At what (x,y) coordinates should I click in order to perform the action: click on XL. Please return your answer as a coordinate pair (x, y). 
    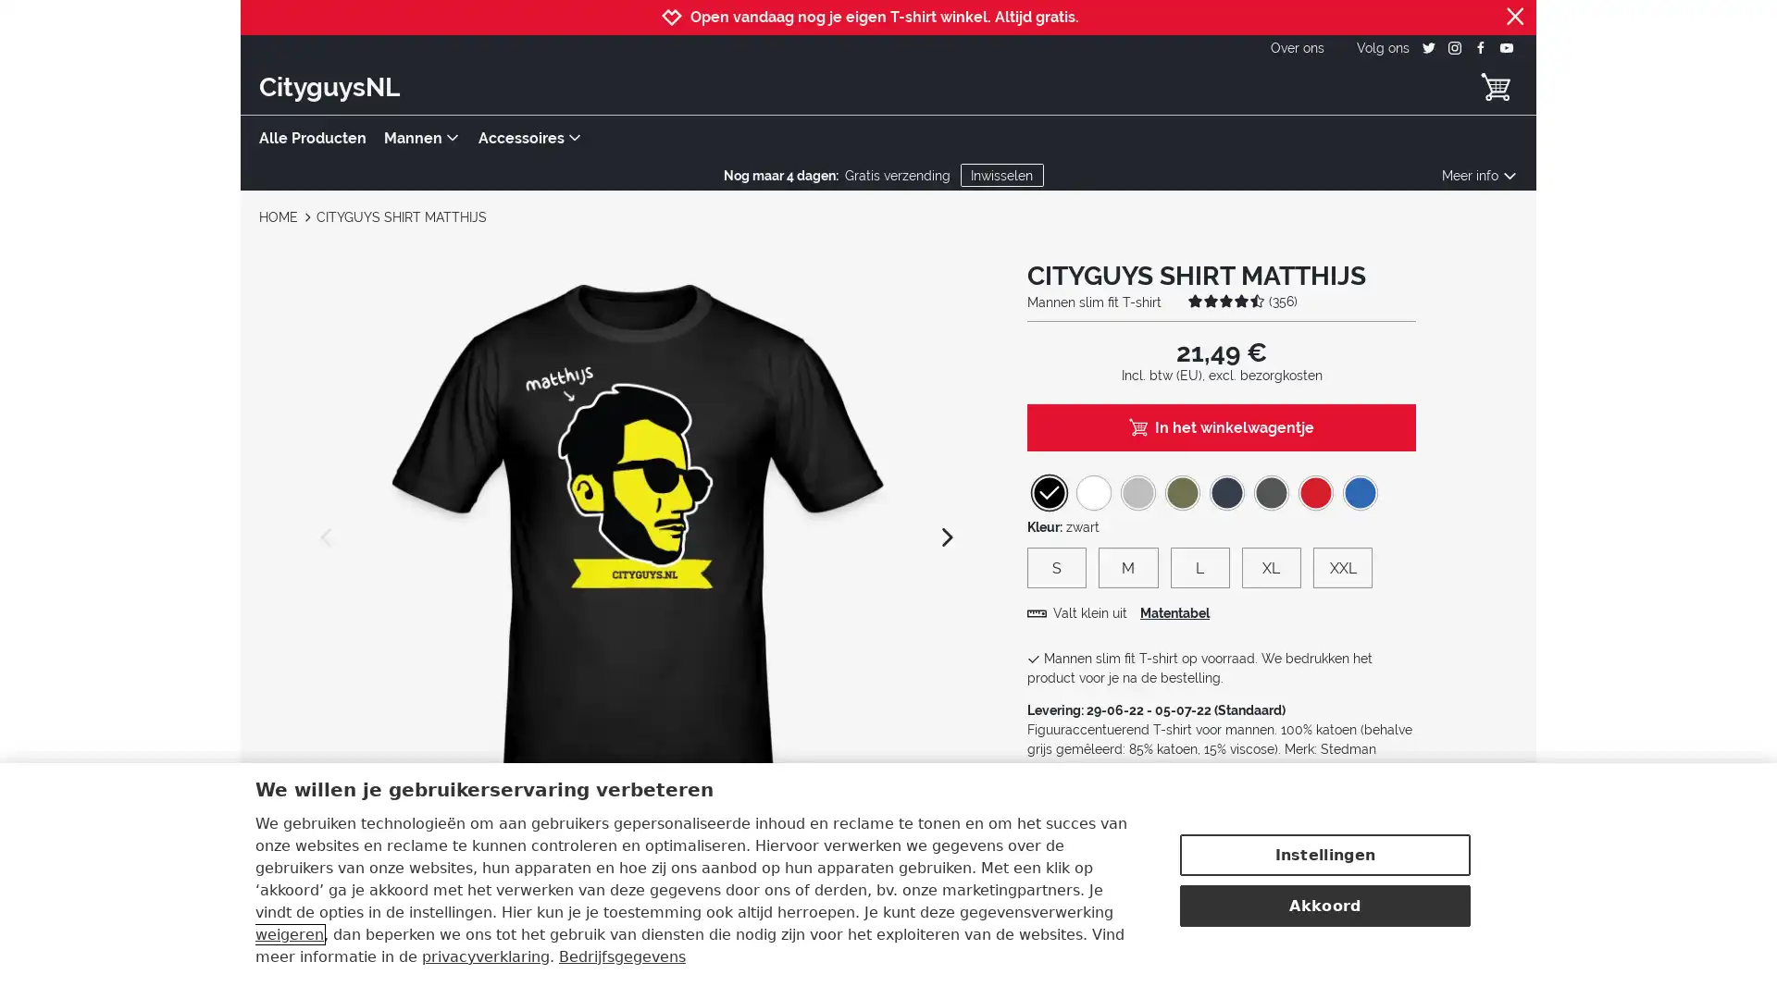
    Looking at the image, I should click on (1270, 566).